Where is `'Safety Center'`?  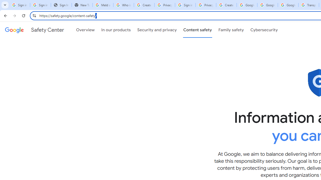
'Safety Center' is located at coordinates (34, 30).